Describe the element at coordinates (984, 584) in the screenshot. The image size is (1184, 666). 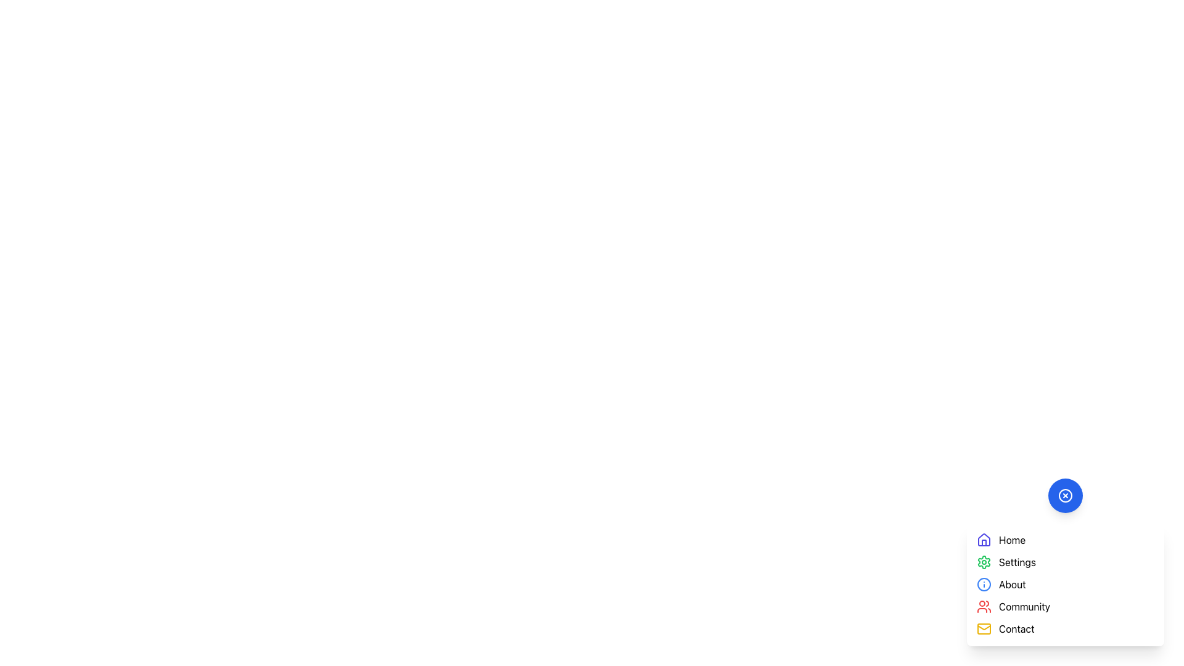
I see `the circular icon with a blue border located to the left of the 'About' text in the vertical menu` at that location.